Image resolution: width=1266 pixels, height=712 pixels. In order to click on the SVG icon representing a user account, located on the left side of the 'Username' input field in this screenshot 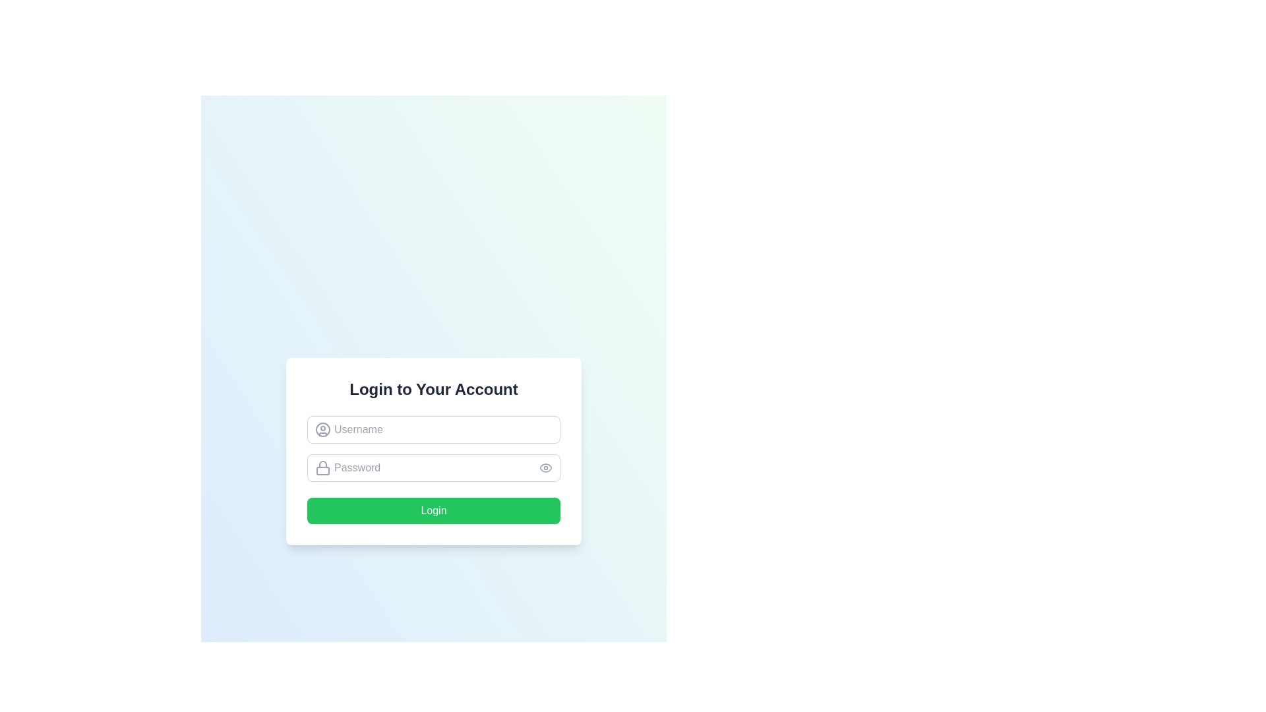, I will do `click(322, 429)`.